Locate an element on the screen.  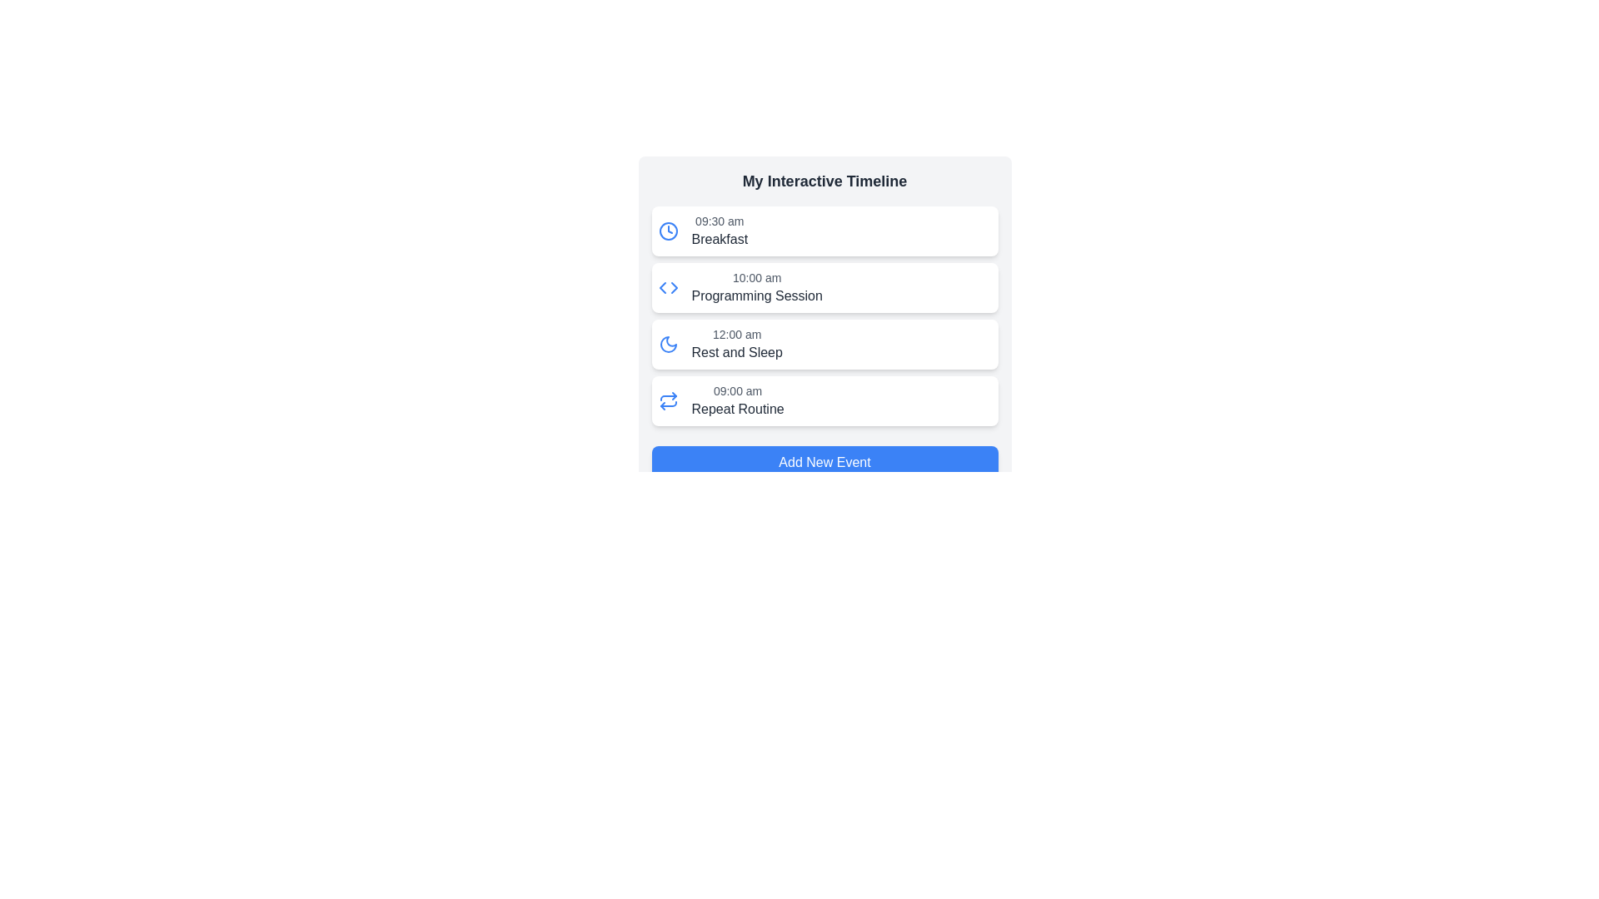
the static text element displaying '10:00 am', which is located in the second row of the timeline UI, positioned to the right of the programming icon and above the 'Programming Session' label is located at coordinates (756, 277).